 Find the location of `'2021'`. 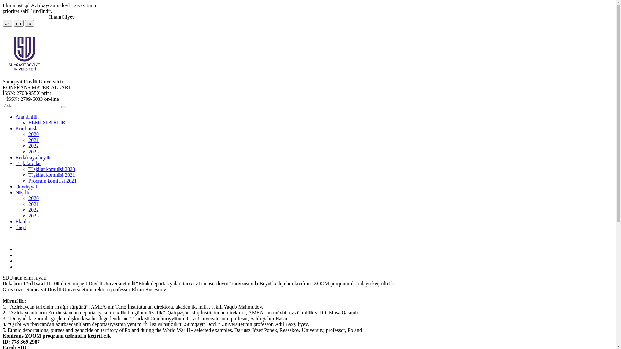

'2021' is located at coordinates (33, 140).